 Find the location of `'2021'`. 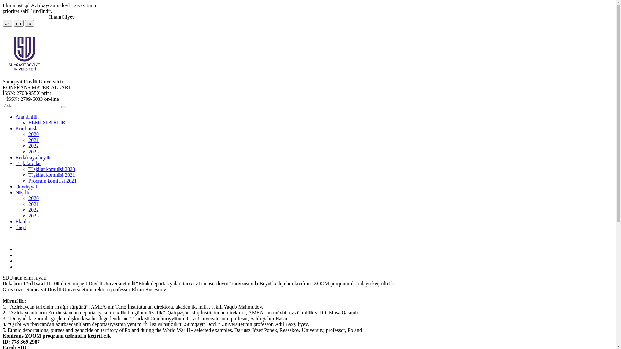

'2021' is located at coordinates (33, 140).